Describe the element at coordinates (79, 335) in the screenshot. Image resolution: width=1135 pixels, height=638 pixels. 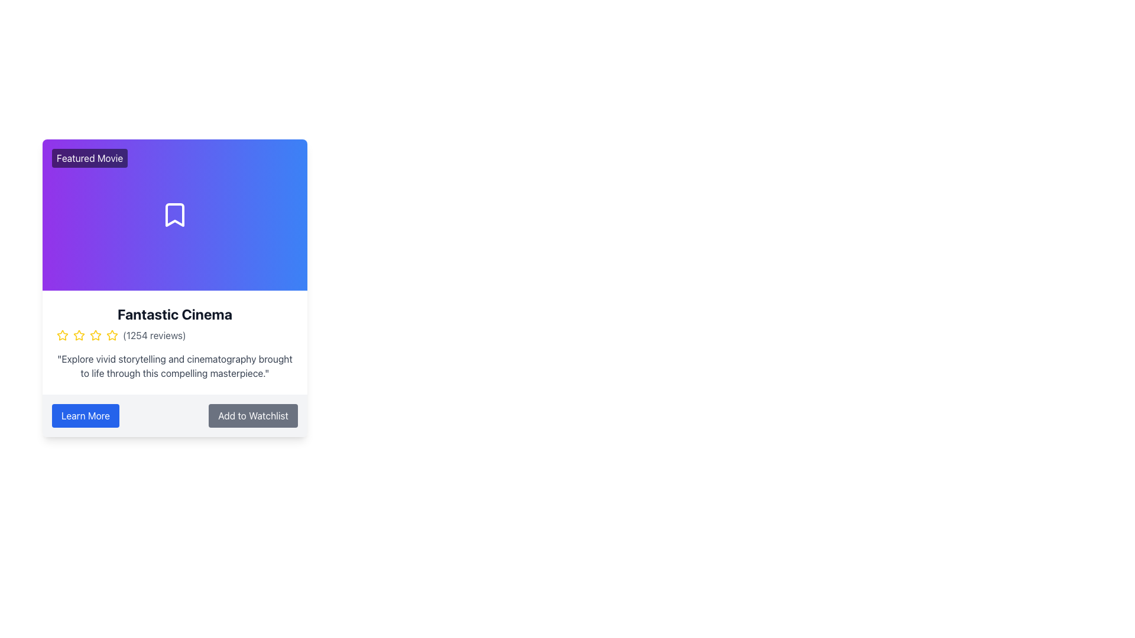
I see `the second star-shaped rating icon with a yellow border and white fill, located below the title 'Fantastic Cinema' and above the rating details` at that location.